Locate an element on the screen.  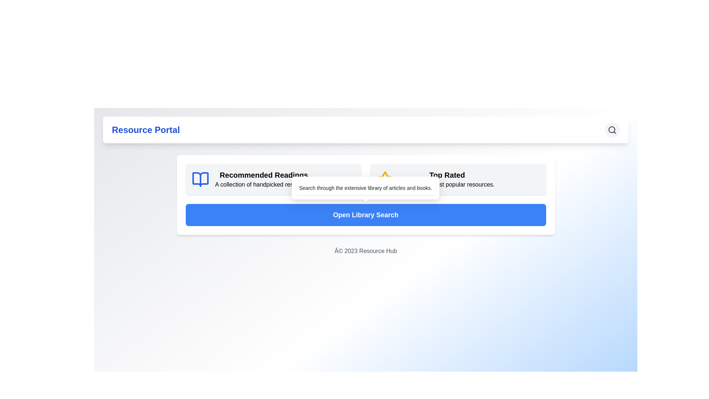
the Text label displaying 'Explore the most popular resources.' located beneath the 'Top Rated' title within a card-like section on the right of the main content area is located at coordinates (446, 184).